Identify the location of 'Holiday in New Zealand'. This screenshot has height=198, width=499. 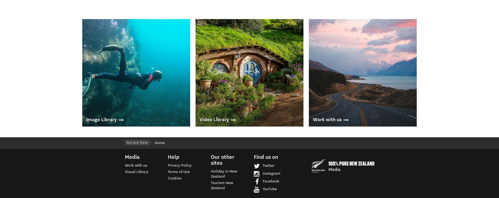
(224, 173).